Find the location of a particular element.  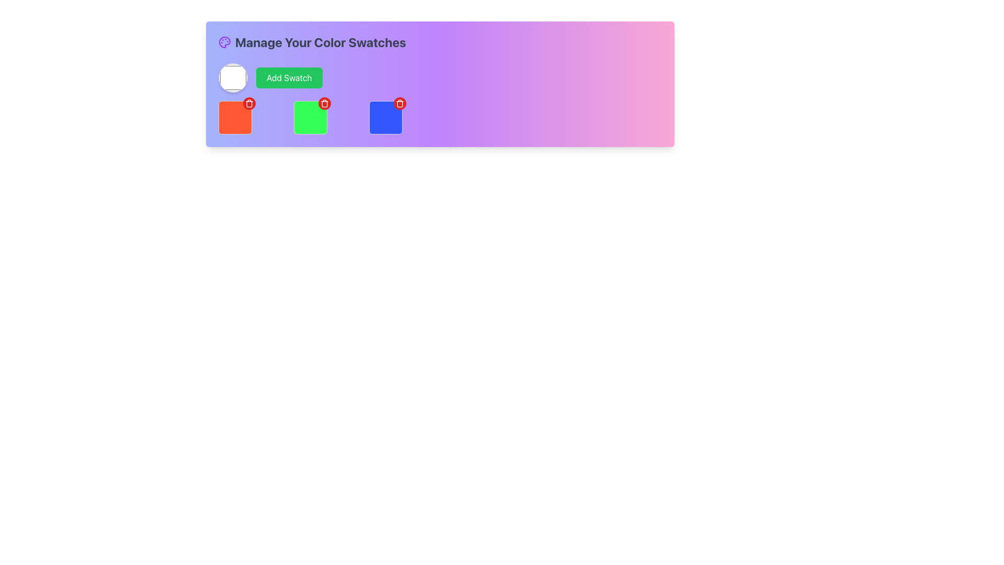

the circular red button with a trash can icon located at the top-right corner of the blue color swatch is located at coordinates (399, 103).